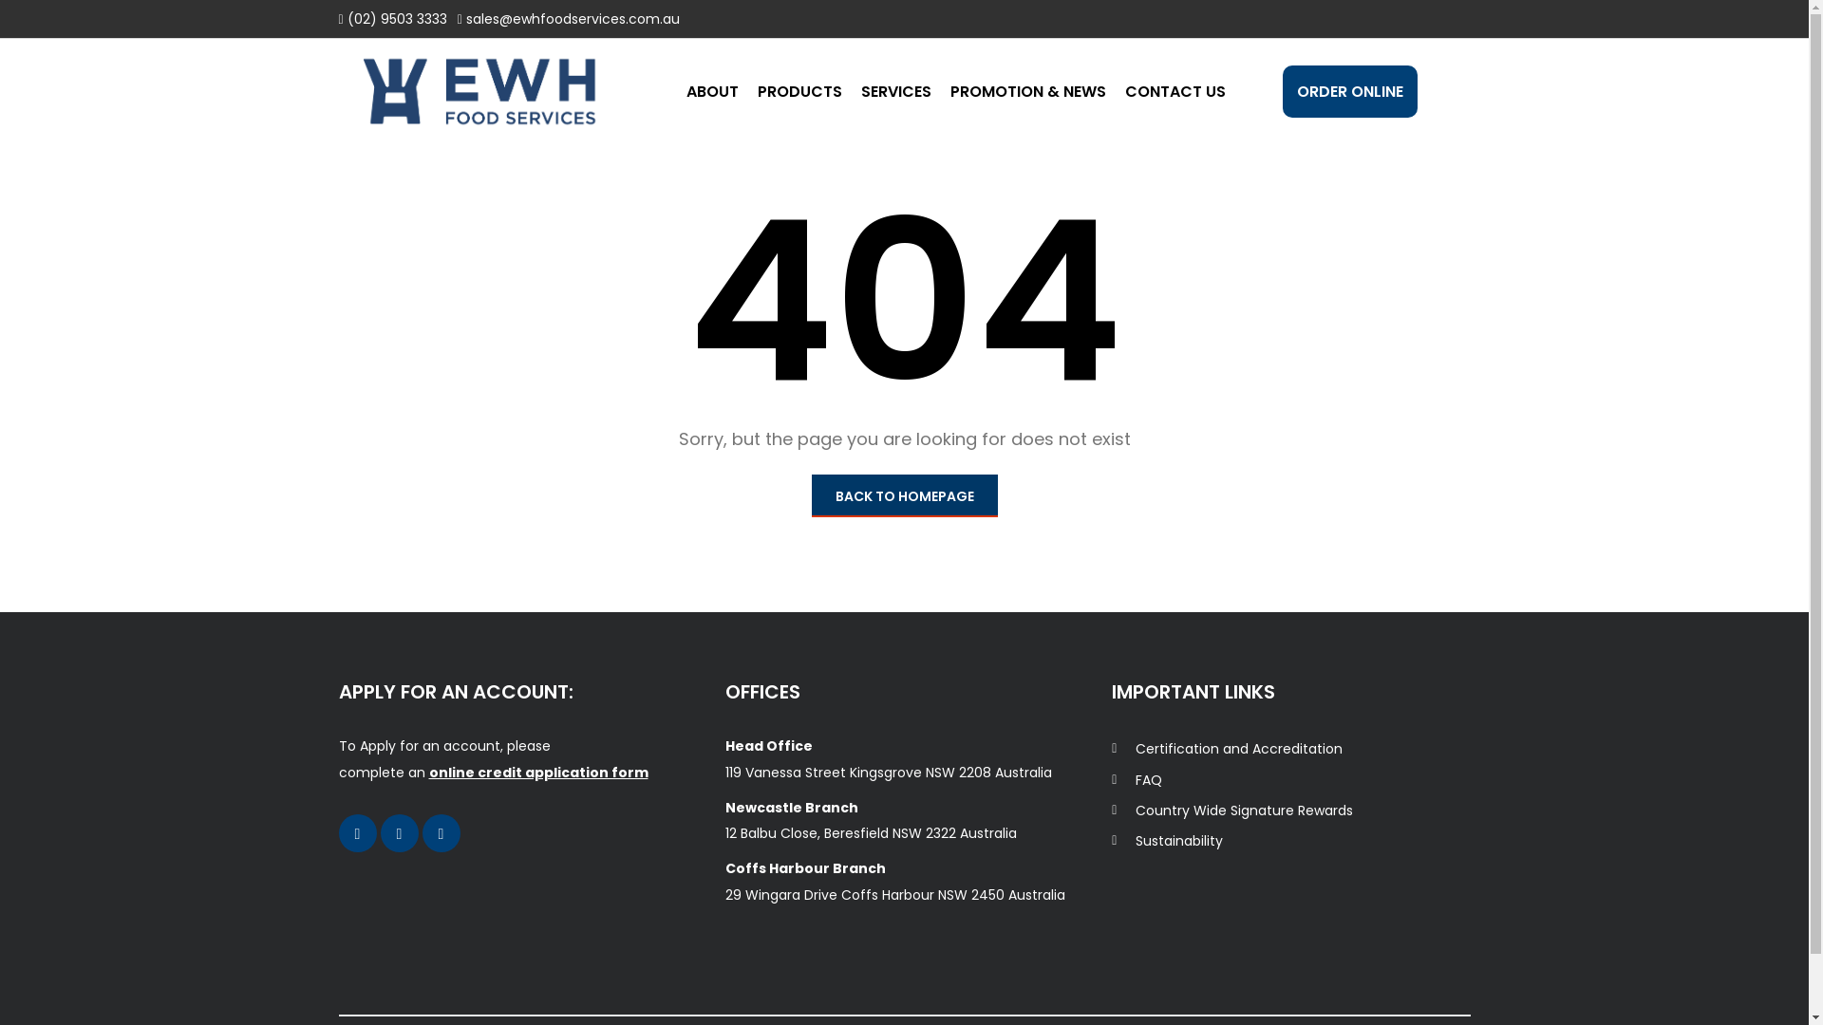 The width and height of the screenshot is (1823, 1025). Describe the element at coordinates (1124, 91) in the screenshot. I see `'CONTACT US'` at that location.